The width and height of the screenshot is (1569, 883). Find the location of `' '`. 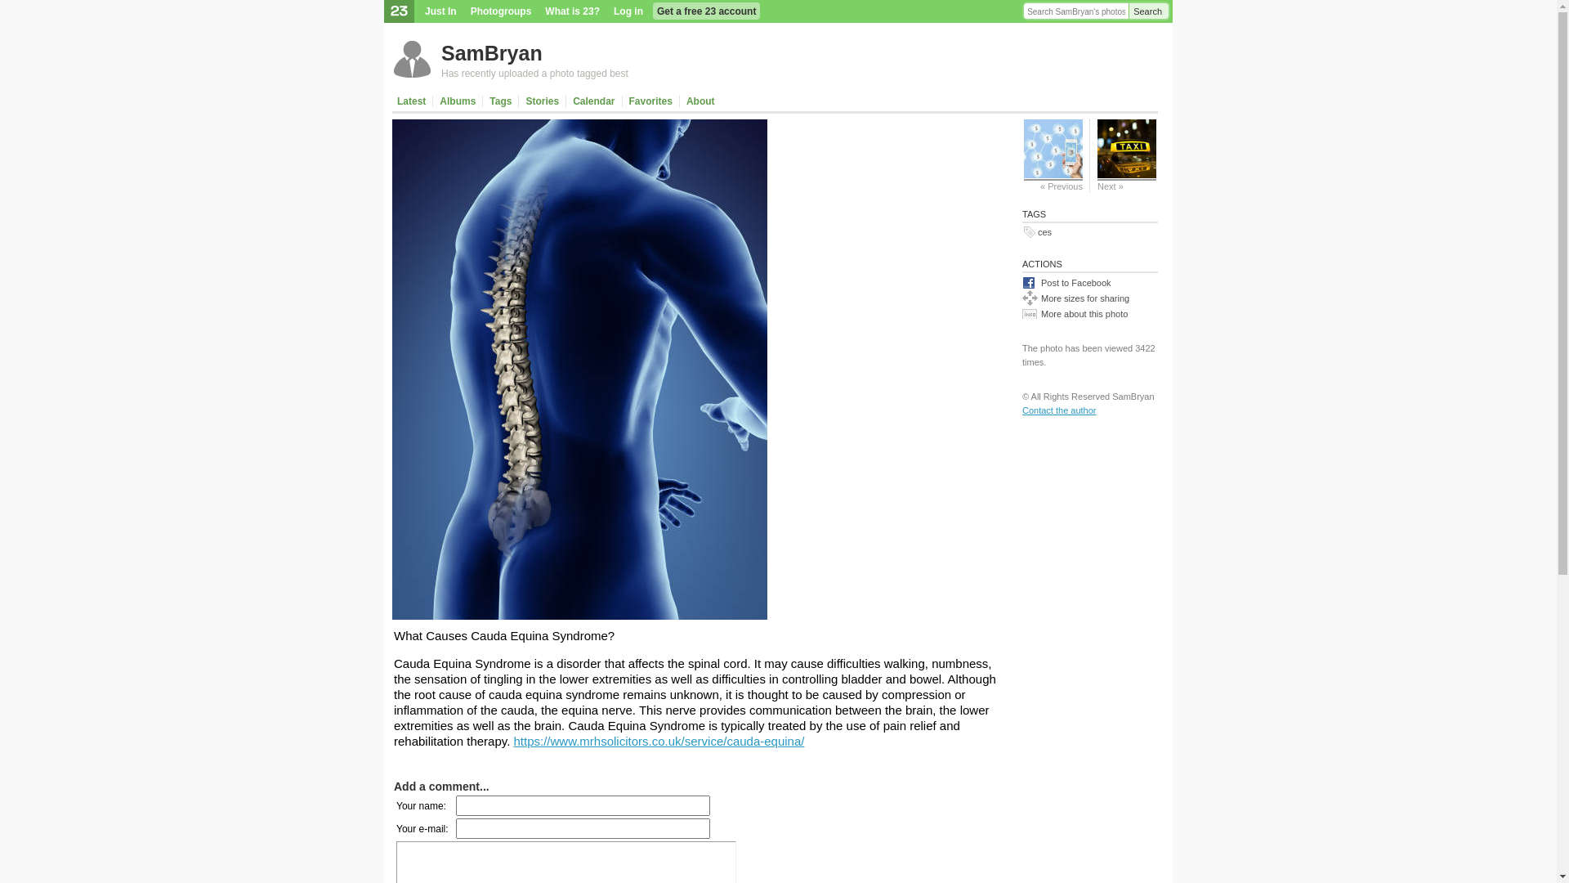

' ' is located at coordinates (728, 101).